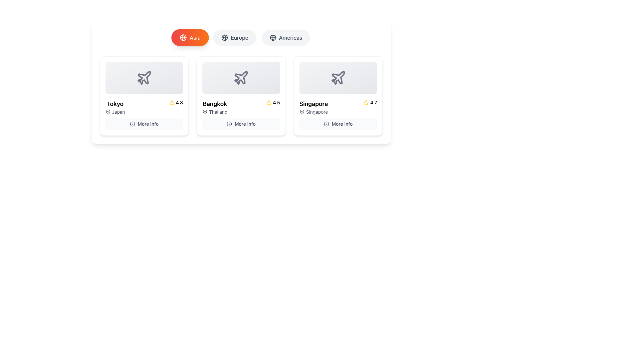  Describe the element at coordinates (269, 102) in the screenshot. I see `the yellow star icon indicating the rating for 'Bangkok' next to the numeric value '4.5'` at that location.